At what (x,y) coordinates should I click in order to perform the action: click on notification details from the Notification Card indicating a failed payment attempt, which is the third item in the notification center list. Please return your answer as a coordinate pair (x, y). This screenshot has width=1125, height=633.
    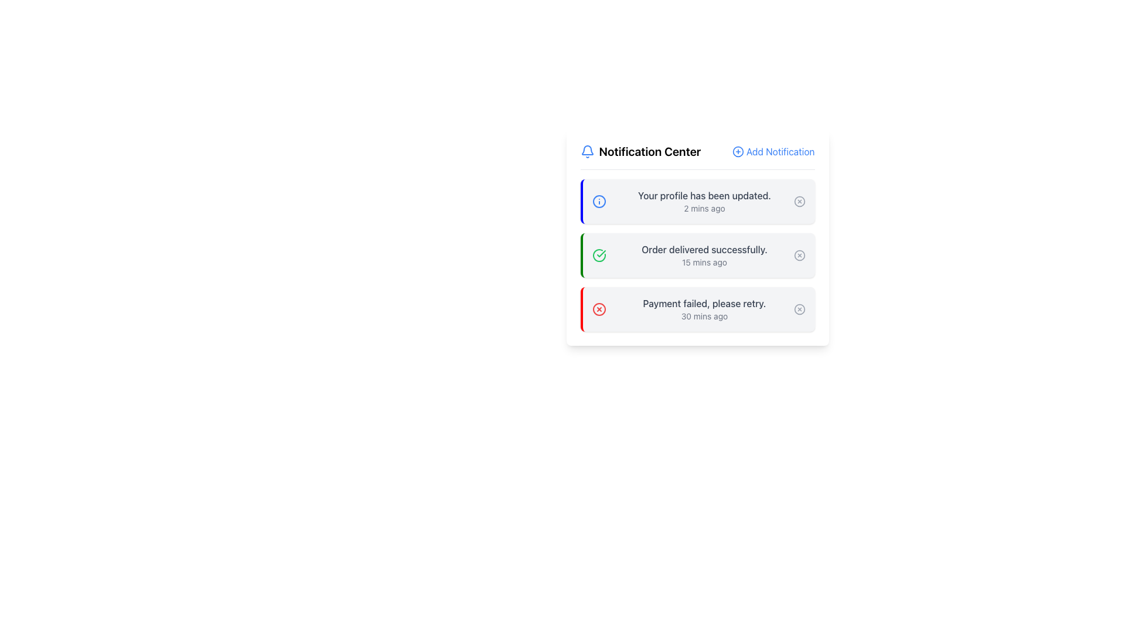
    Looking at the image, I should click on (697, 309).